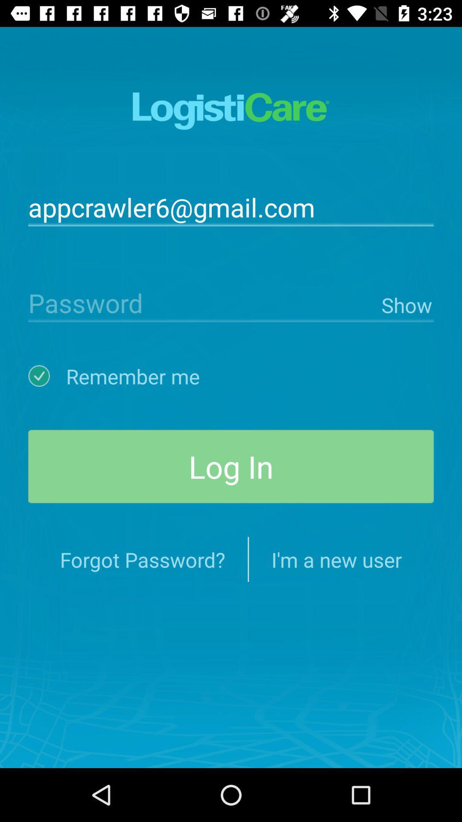 Image resolution: width=462 pixels, height=822 pixels. I want to click on your password, so click(203, 302).